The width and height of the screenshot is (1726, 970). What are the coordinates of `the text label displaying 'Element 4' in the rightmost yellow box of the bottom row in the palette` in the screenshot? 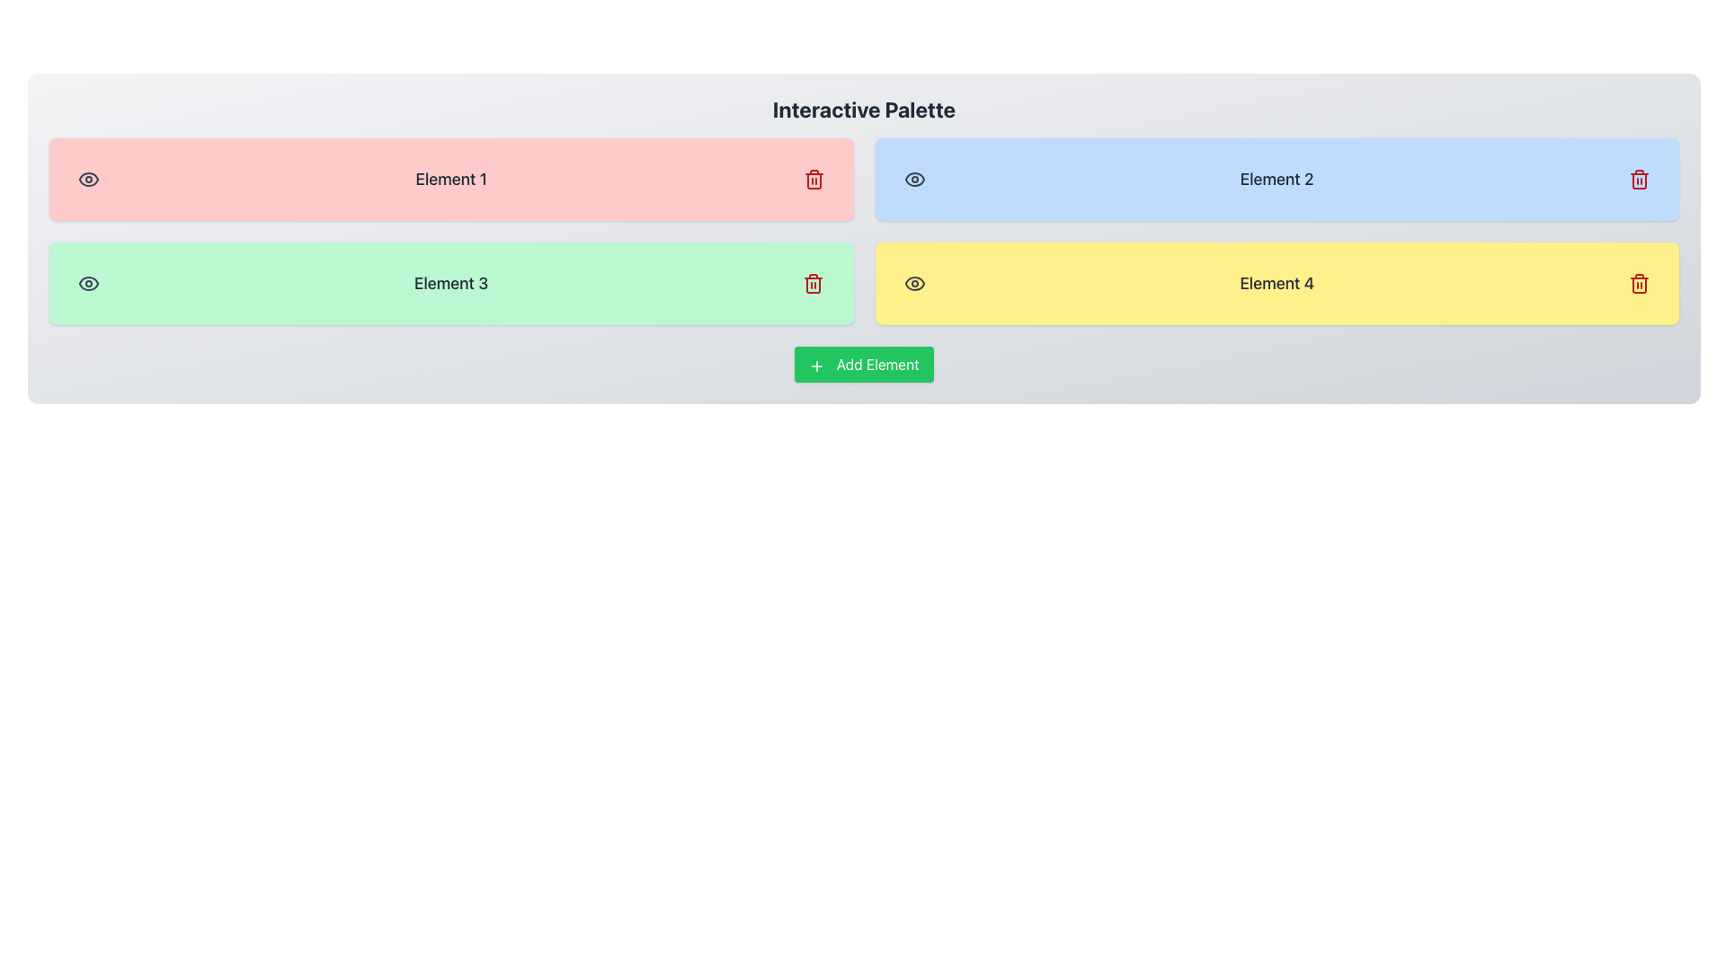 It's located at (1276, 283).